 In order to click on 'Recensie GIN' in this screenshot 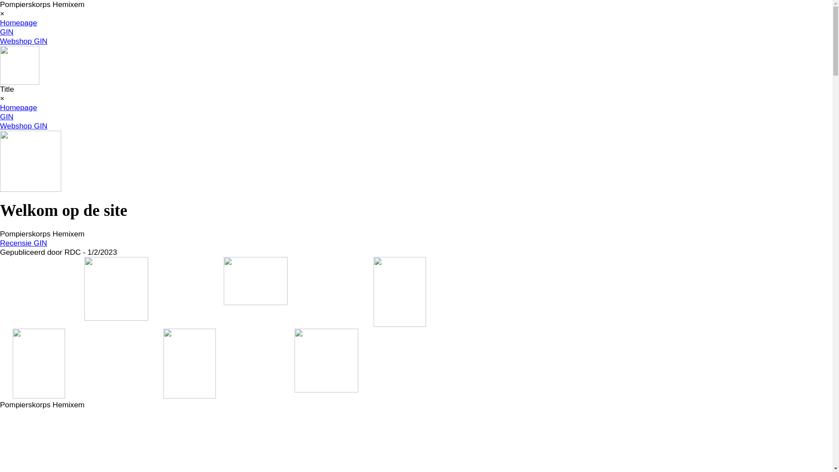, I will do `click(23, 243)`.